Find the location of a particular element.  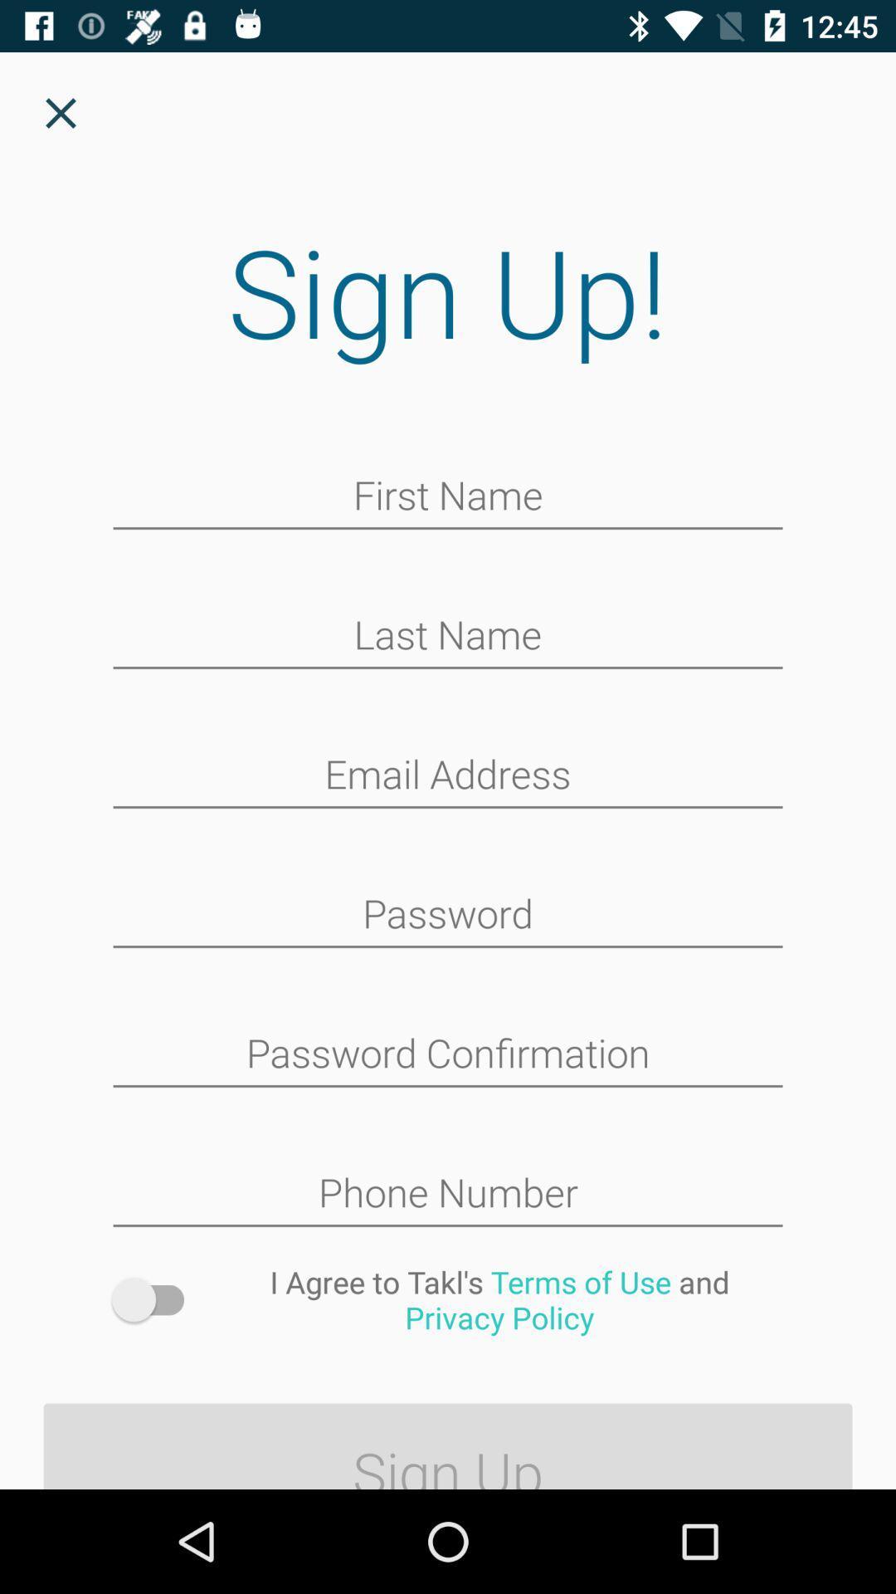

e-mail adress is located at coordinates (448, 775).